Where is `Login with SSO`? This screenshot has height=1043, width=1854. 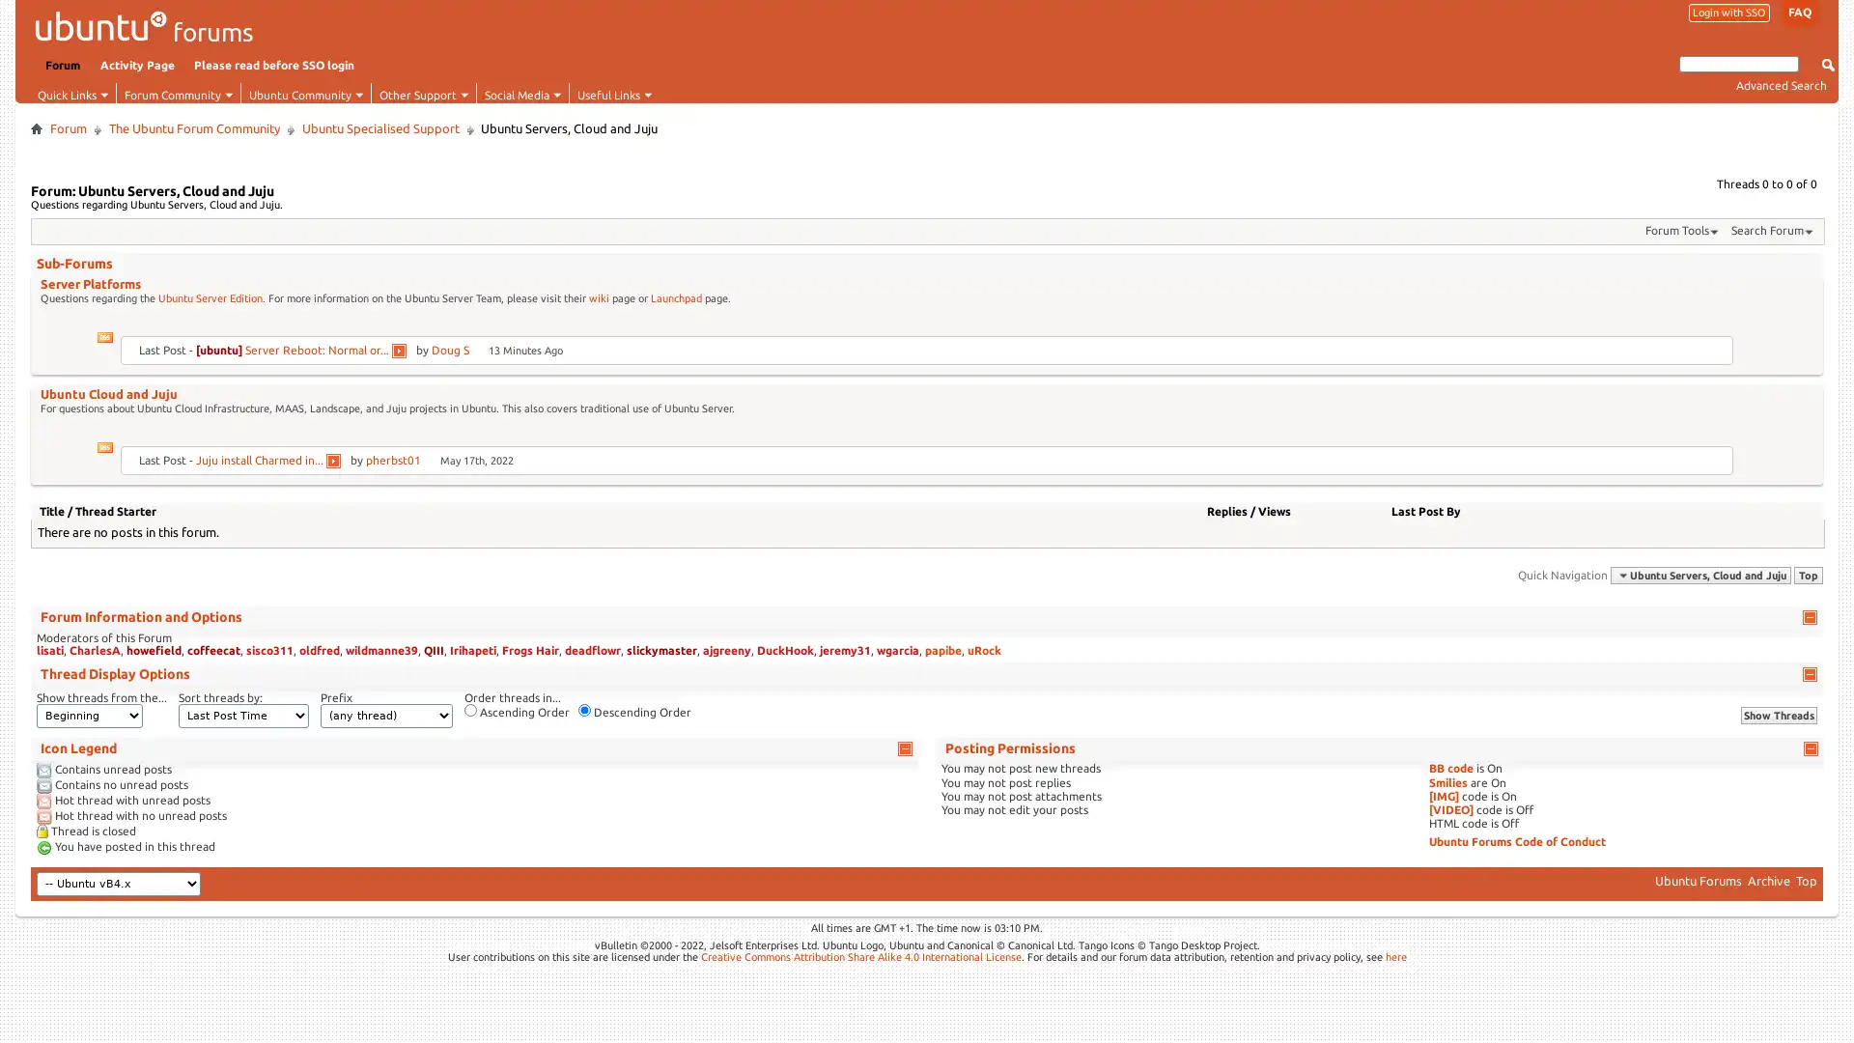 Login with SSO is located at coordinates (1728, 12).